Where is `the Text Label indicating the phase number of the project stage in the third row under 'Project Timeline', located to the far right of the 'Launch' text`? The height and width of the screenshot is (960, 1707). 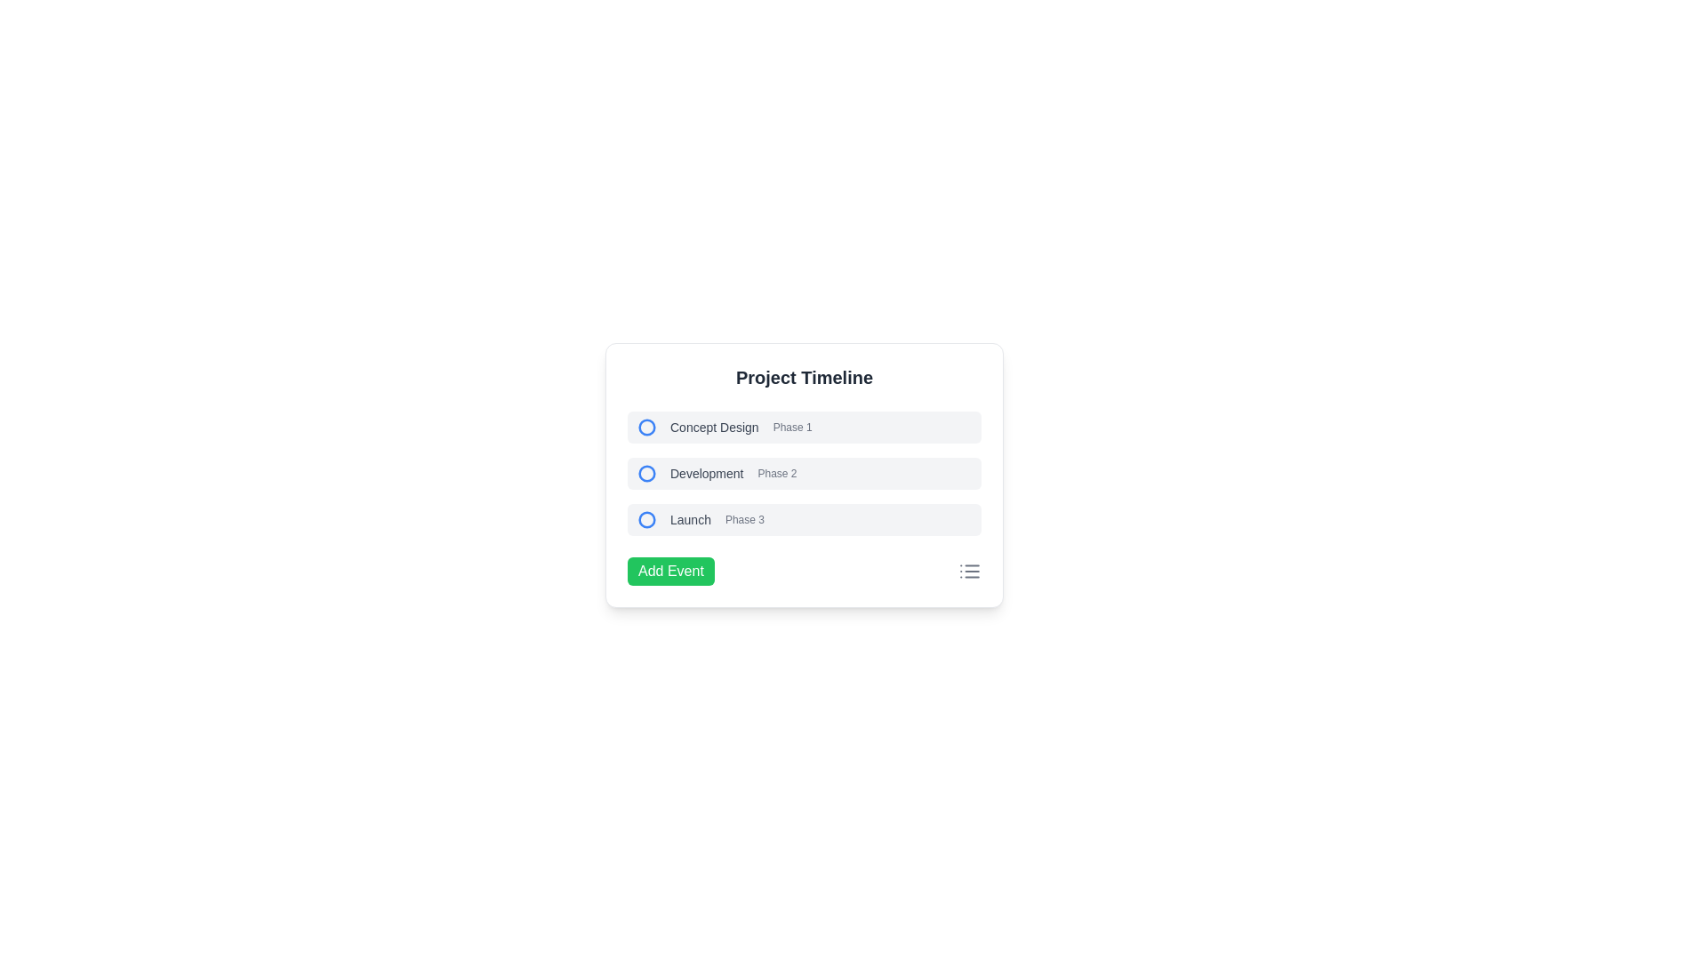 the Text Label indicating the phase number of the project stage in the third row under 'Project Timeline', located to the far right of the 'Launch' text is located at coordinates (744, 520).